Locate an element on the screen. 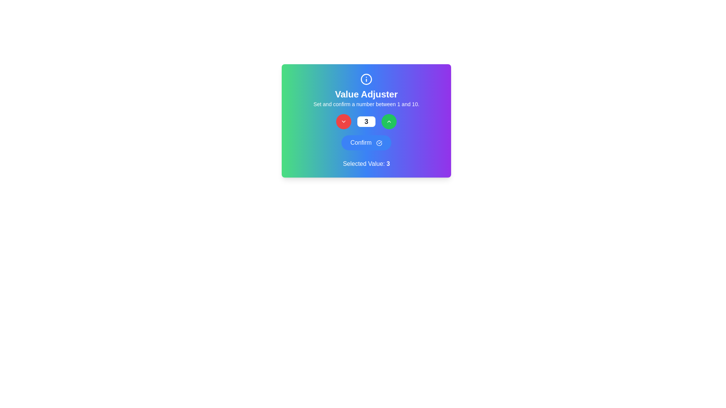 The image size is (726, 408). the circular red button with a white downwards arrow to experience the hover effect is located at coordinates (343, 121).